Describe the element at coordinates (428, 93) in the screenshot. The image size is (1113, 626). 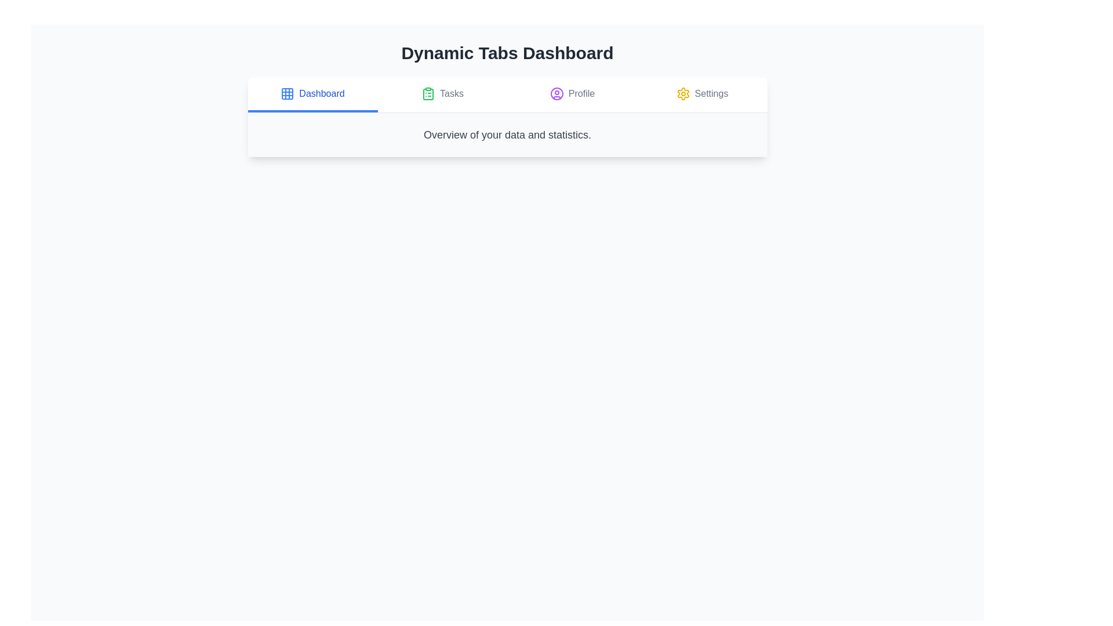
I see `the decorative graphical element that is part of the clipboard icon representing the 'Tasks' tab in the navigation menu` at that location.